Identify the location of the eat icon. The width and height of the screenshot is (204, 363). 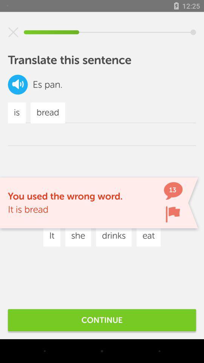
(148, 236).